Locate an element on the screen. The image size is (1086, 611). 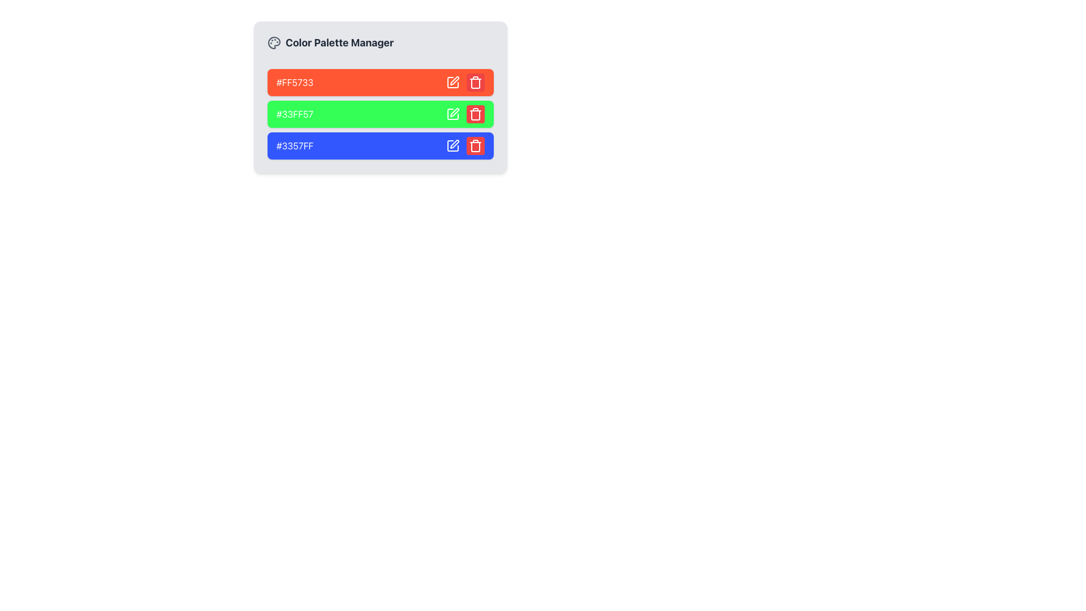
the edit and delete buttons in the Interactive action panel associated with the color green (#33FF57) to observe hover effects is located at coordinates (464, 114).